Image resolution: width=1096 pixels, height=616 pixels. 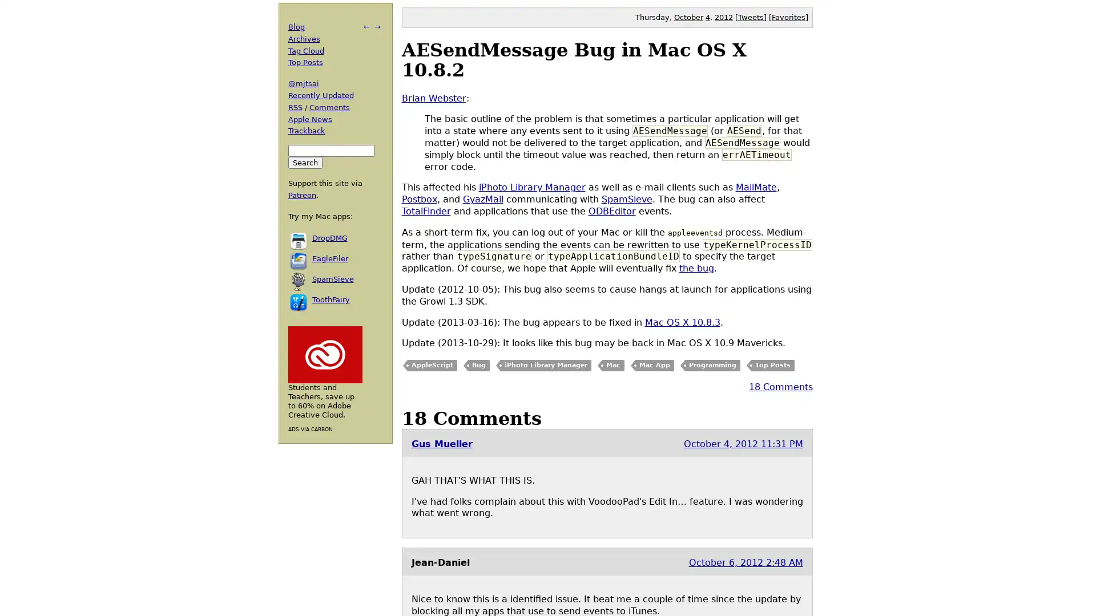 I want to click on Search, so click(x=304, y=163).